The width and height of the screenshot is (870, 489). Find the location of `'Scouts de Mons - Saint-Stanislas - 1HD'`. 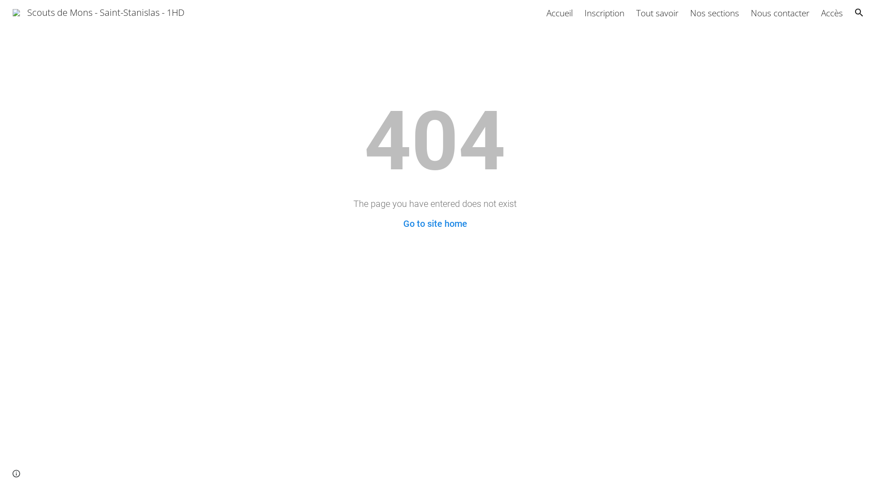

'Scouts de Mons - Saint-Stanislas - 1HD' is located at coordinates (98, 11).